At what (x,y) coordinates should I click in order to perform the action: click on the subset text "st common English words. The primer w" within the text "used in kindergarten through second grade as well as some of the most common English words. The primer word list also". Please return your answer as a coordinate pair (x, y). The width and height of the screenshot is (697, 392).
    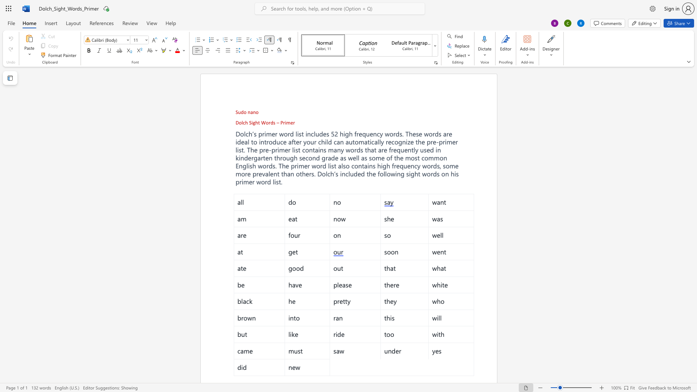
    Looking at the image, I should click on (415, 158).